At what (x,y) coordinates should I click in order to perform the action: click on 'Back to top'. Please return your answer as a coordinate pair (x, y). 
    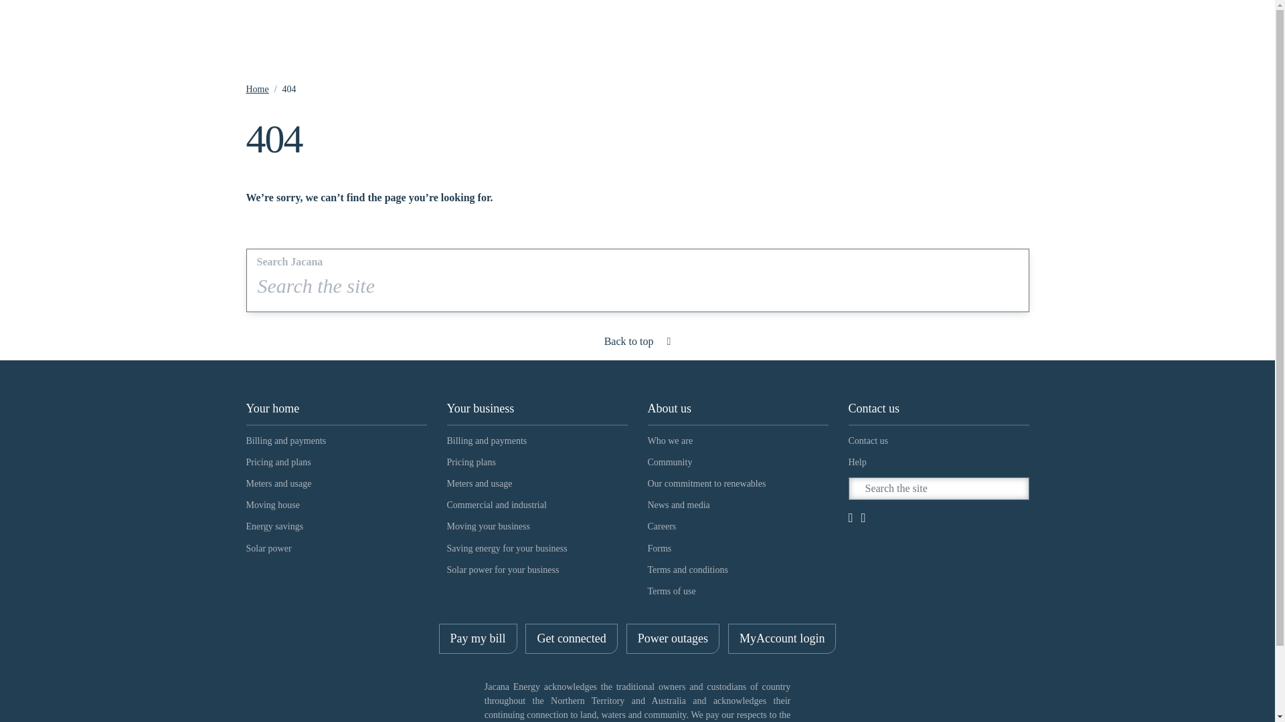
    Looking at the image, I should click on (637, 340).